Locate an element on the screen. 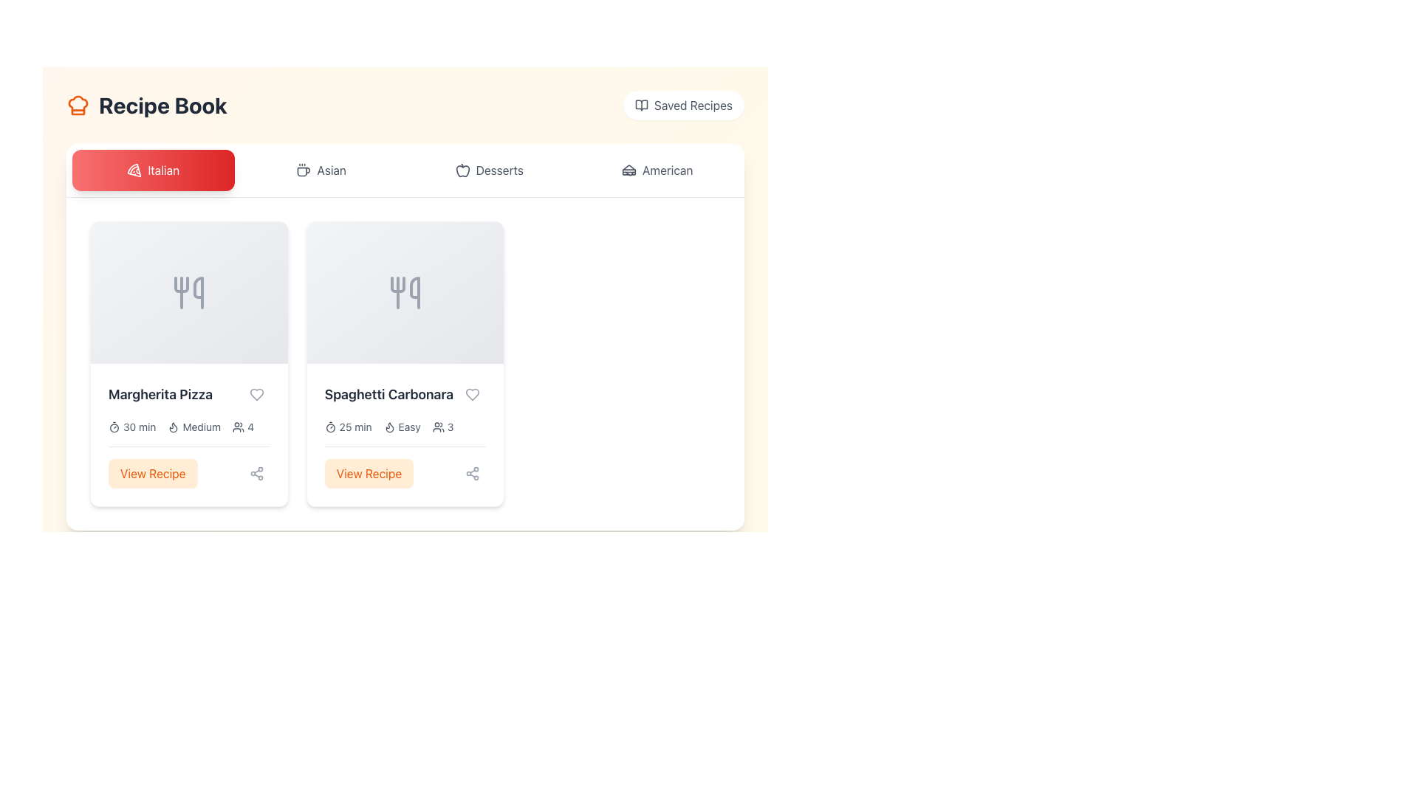 This screenshot has width=1418, height=797. the primary button located at the bottom of the second recipe card is located at coordinates (405, 467).